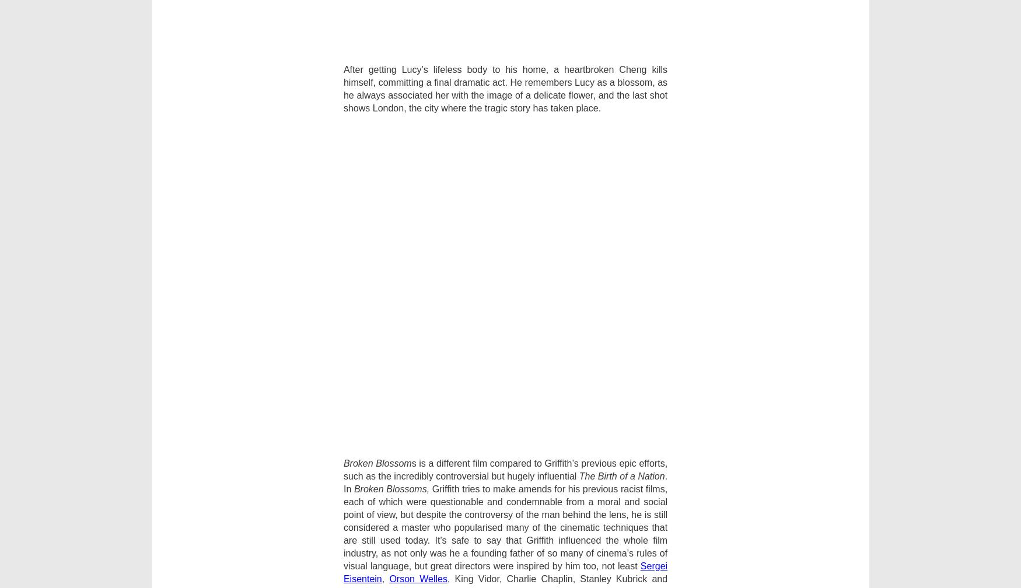 The height and width of the screenshot is (588, 1021). What do you see at coordinates (356, 345) in the screenshot?
I see `'Our Team'` at bounding box center [356, 345].